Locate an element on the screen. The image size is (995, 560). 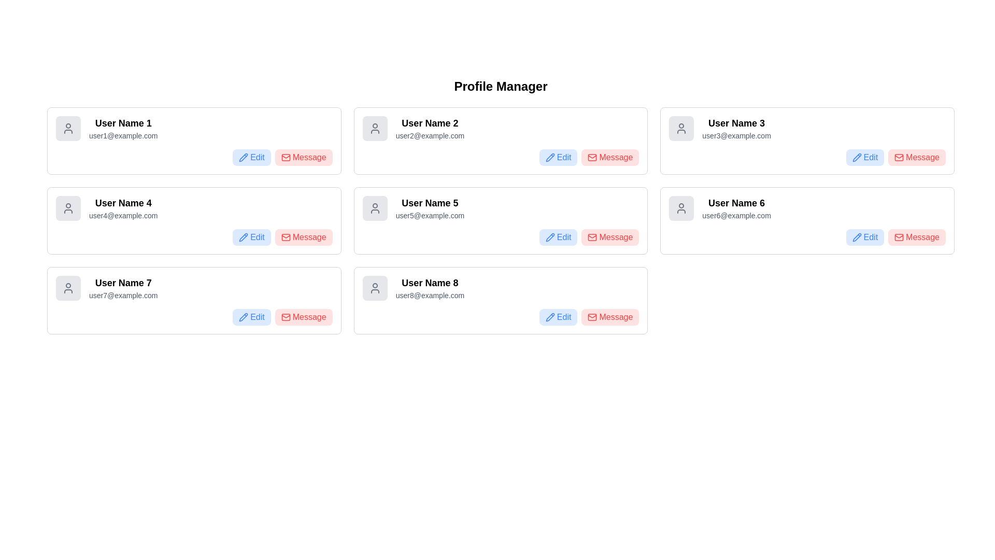
the pencil icon representing the edit functionality within the 'Edit' button of the second user card in the second column is located at coordinates (243, 237).